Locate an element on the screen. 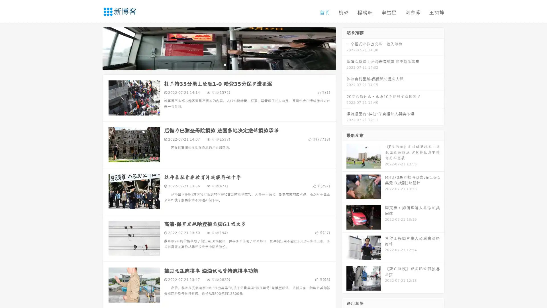 This screenshot has width=547, height=308. Next slide is located at coordinates (344, 48).